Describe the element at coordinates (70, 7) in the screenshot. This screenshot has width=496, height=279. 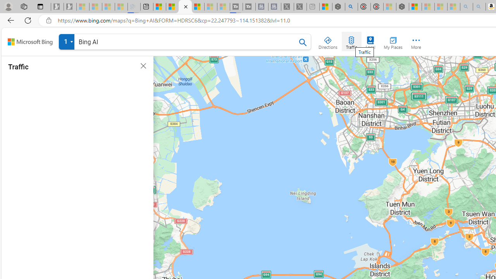
I see `'Newsletter Sign Up - Sleeping'` at that location.